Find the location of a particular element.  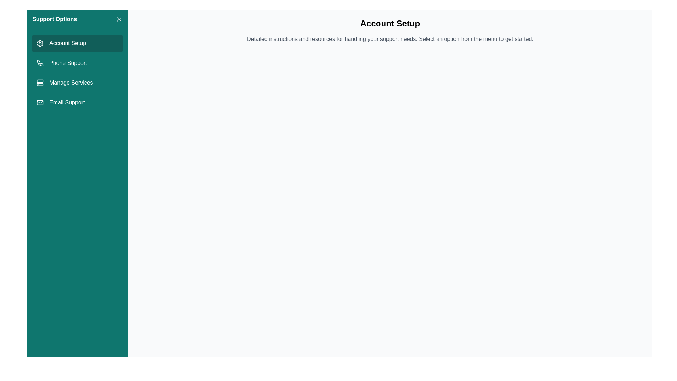

the small 'X' icon on a green background located in the top-right corner of the 'Support Options' section is located at coordinates (119, 19).